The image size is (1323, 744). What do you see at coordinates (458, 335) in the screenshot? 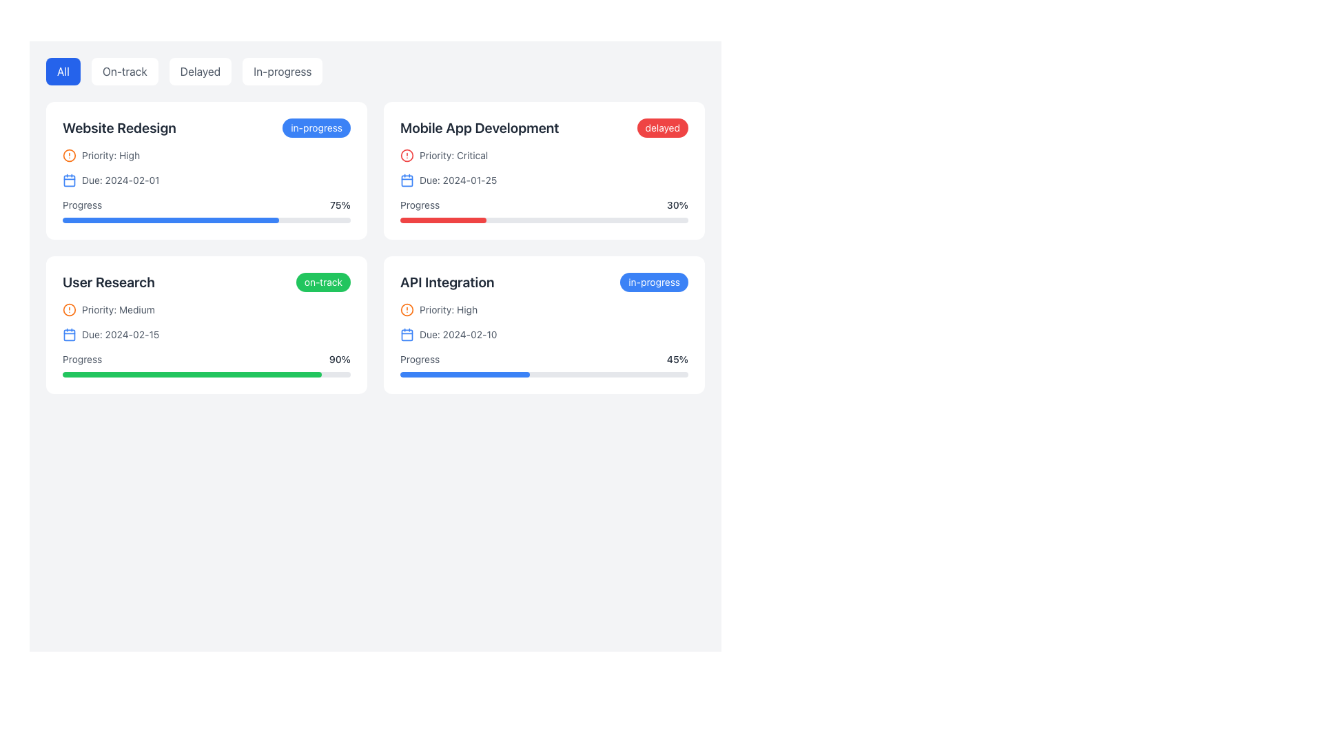
I see `the Label displaying the due date 'Due: 2024-02-10', which is positioned to the right of the calendar icon in the 'API Integration' card` at bounding box center [458, 335].